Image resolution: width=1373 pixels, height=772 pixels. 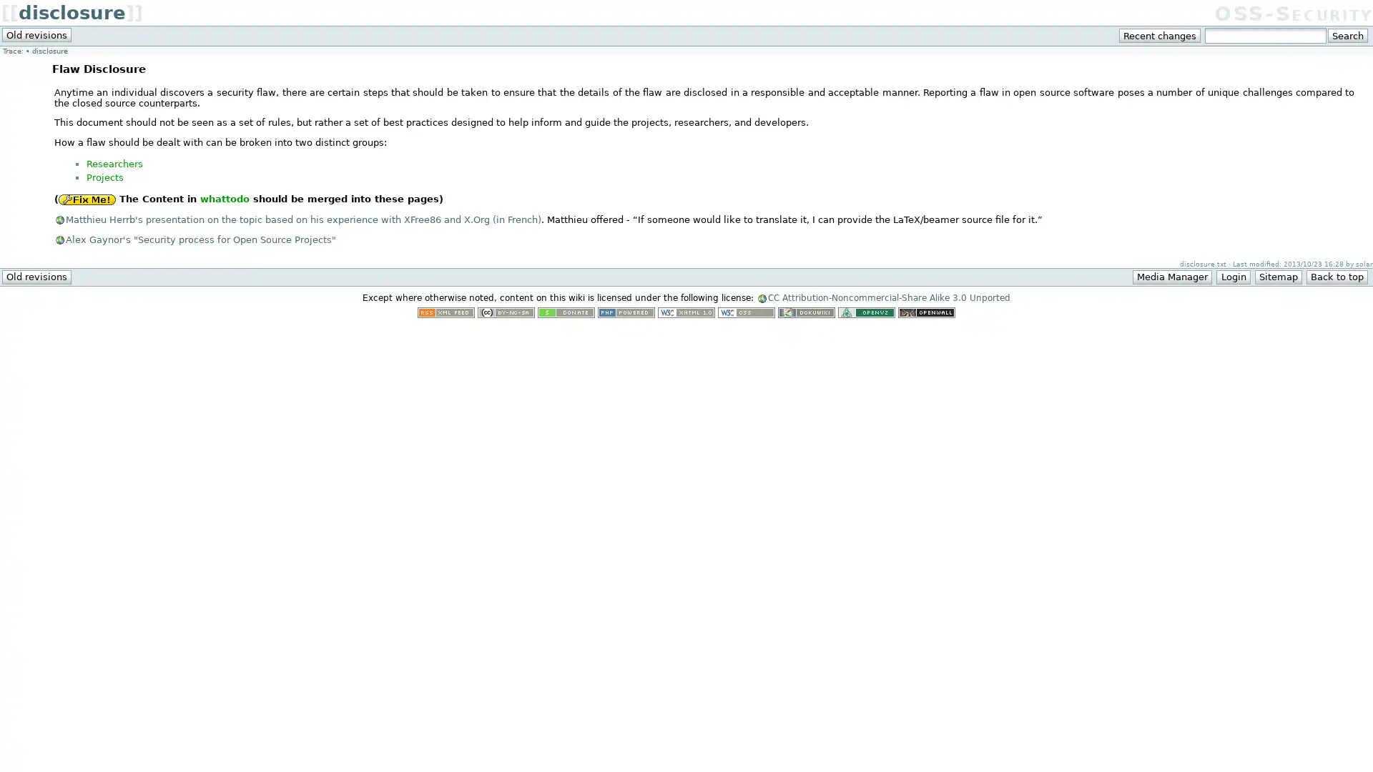 I want to click on Sitemap, so click(x=1277, y=277).